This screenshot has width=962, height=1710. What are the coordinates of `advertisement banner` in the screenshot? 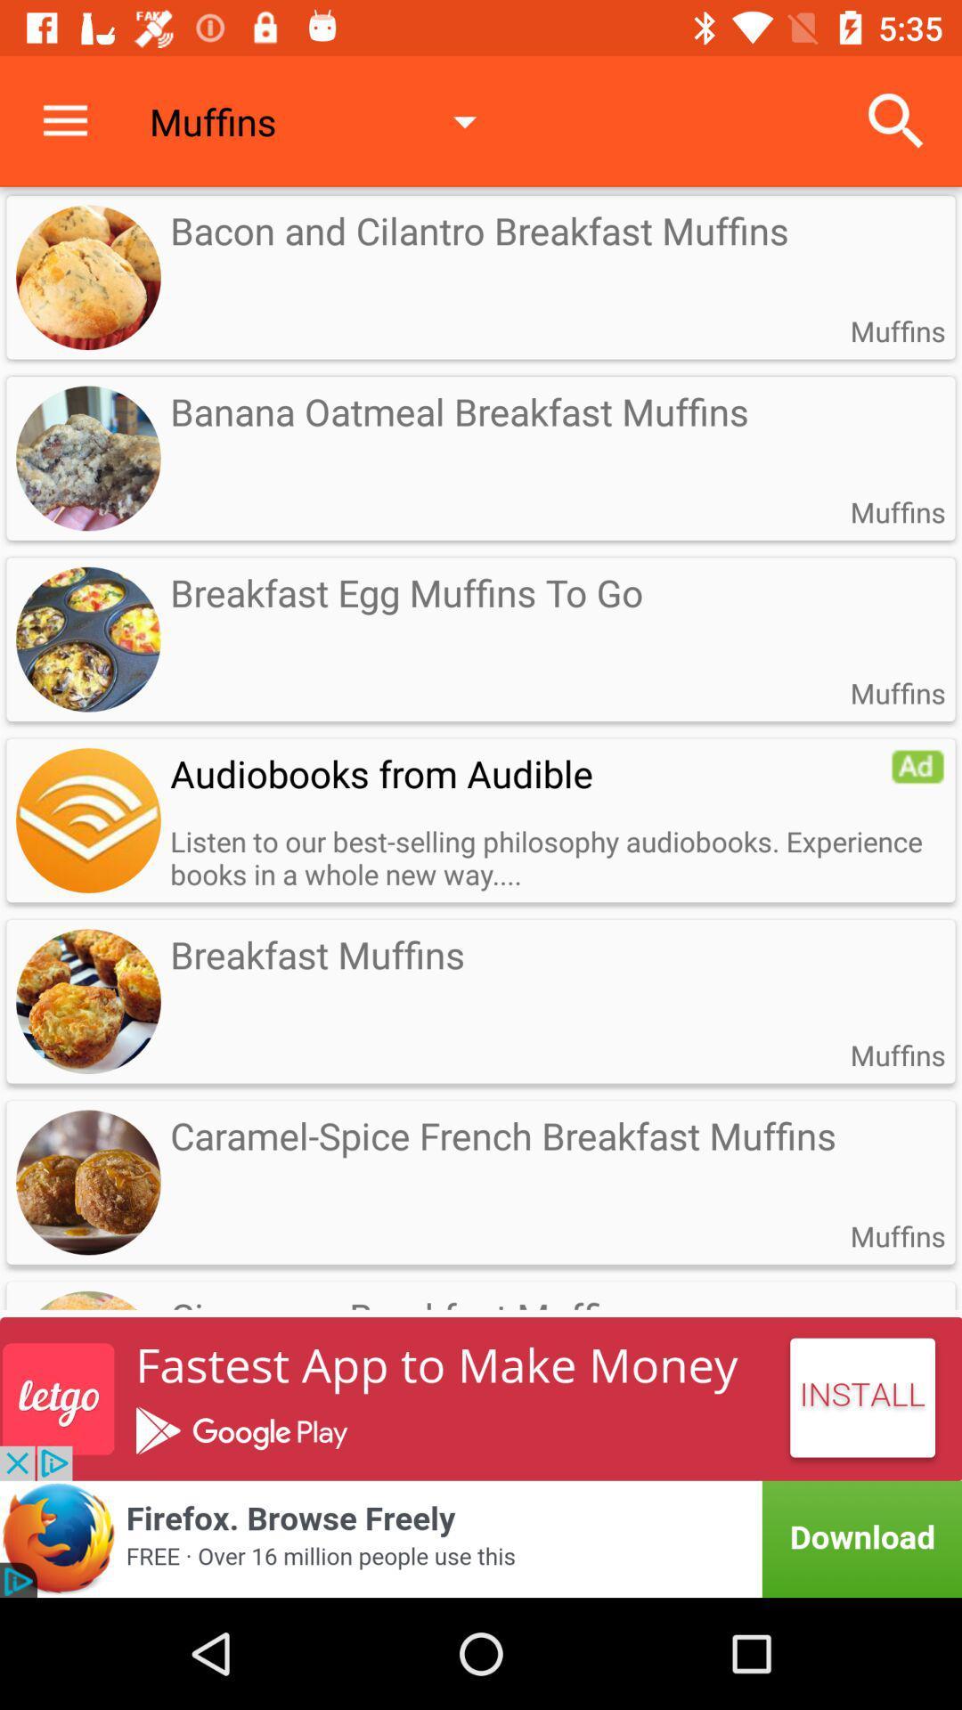 It's located at (481, 1538).